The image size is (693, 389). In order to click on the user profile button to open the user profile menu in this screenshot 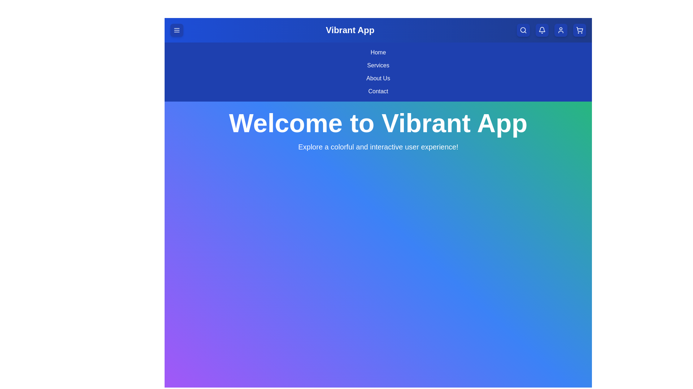, I will do `click(561, 30)`.